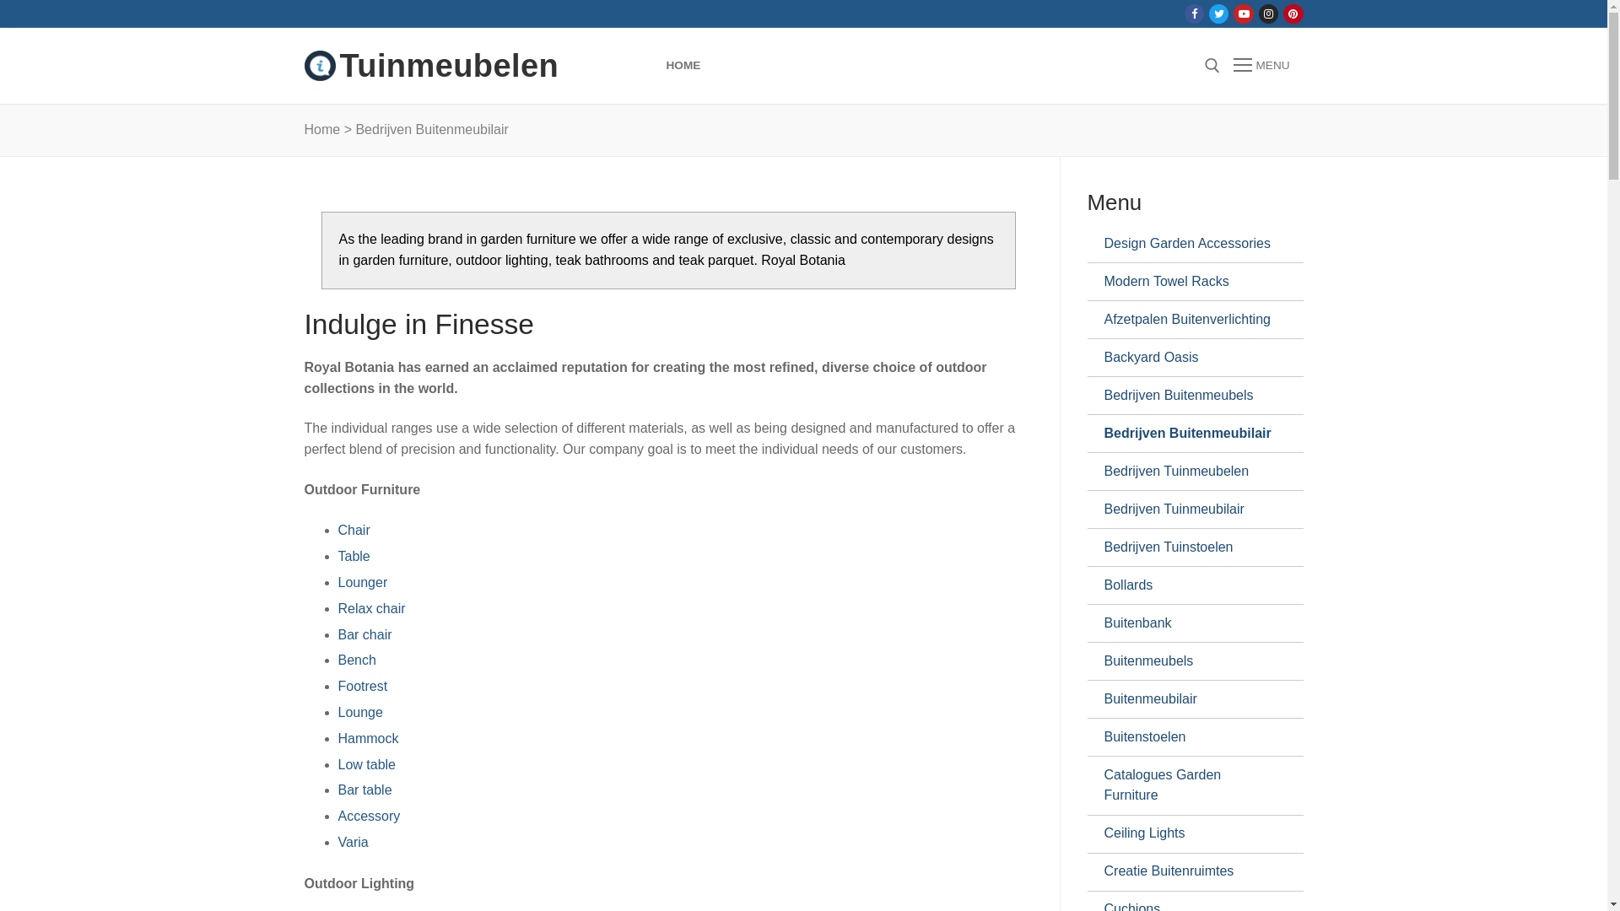 The width and height of the screenshot is (1620, 911). What do you see at coordinates (1104, 699) in the screenshot?
I see `'Buitenmeubilair'` at bounding box center [1104, 699].